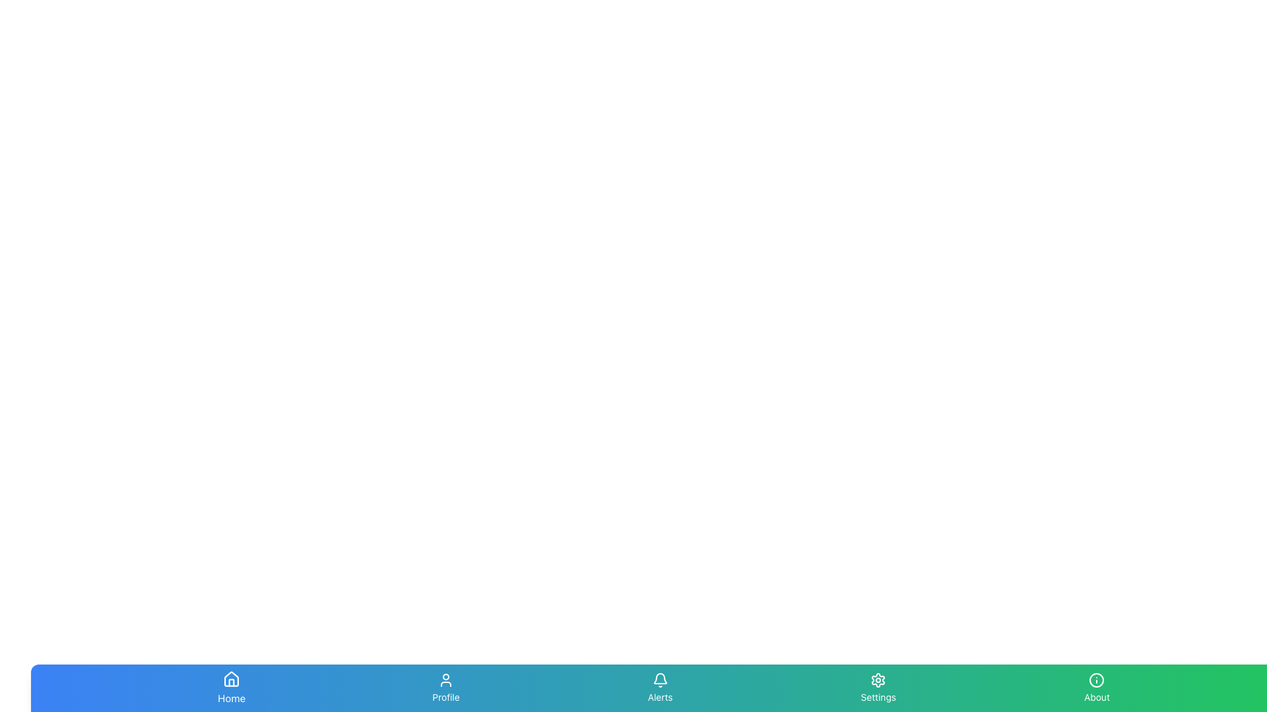 The image size is (1267, 712). Describe the element at coordinates (1097, 680) in the screenshot. I see `the information icon, which is an outlined circle with an 'i' inside, located in the 'About' section of the bottom navigation bar` at that location.